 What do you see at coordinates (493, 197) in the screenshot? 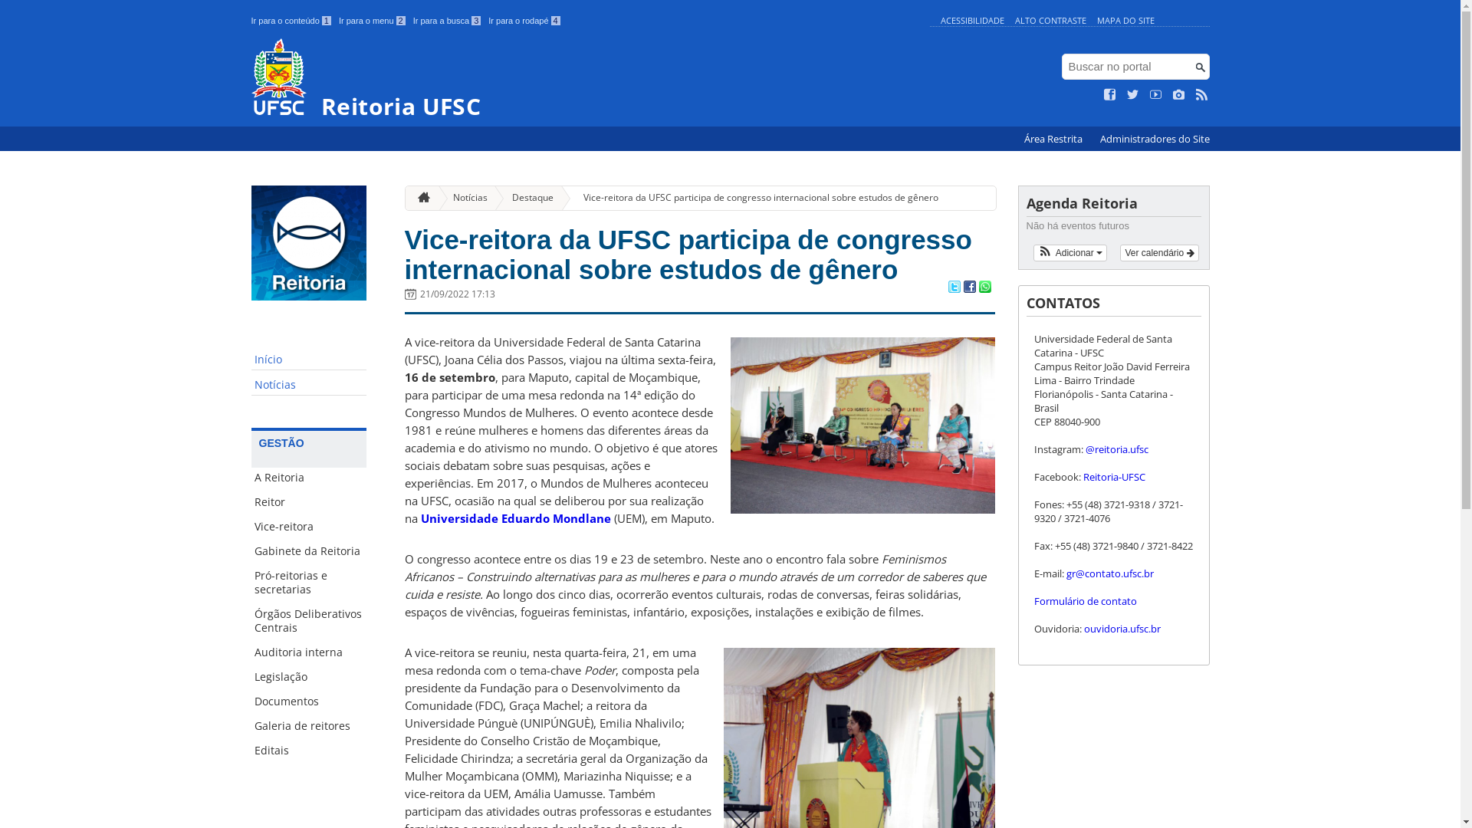
I see `'Destaque'` at bounding box center [493, 197].